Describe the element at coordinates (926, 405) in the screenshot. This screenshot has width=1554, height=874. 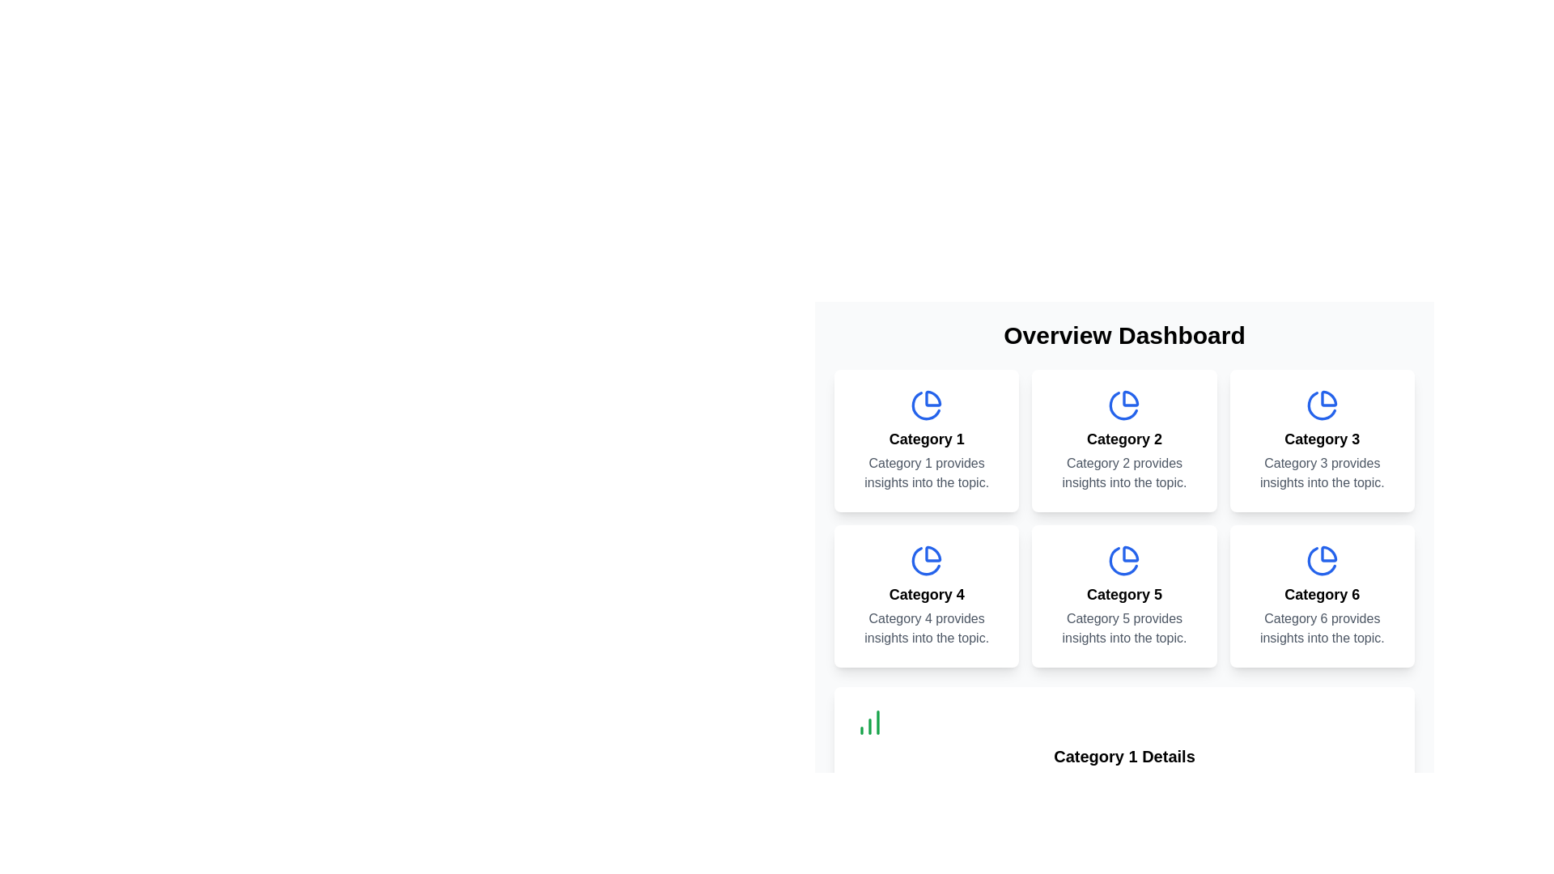
I see `the styling and purpose of the pie chart segment represented by a vector graphic component, which is part of the 'Category 1' card located in the top-left portion of the main content grid` at that location.